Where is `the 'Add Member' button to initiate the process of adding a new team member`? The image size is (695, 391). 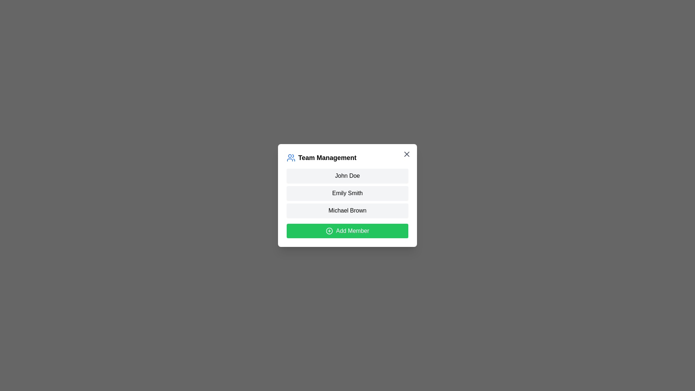 the 'Add Member' button to initiate the process of adding a new team member is located at coordinates (347, 231).